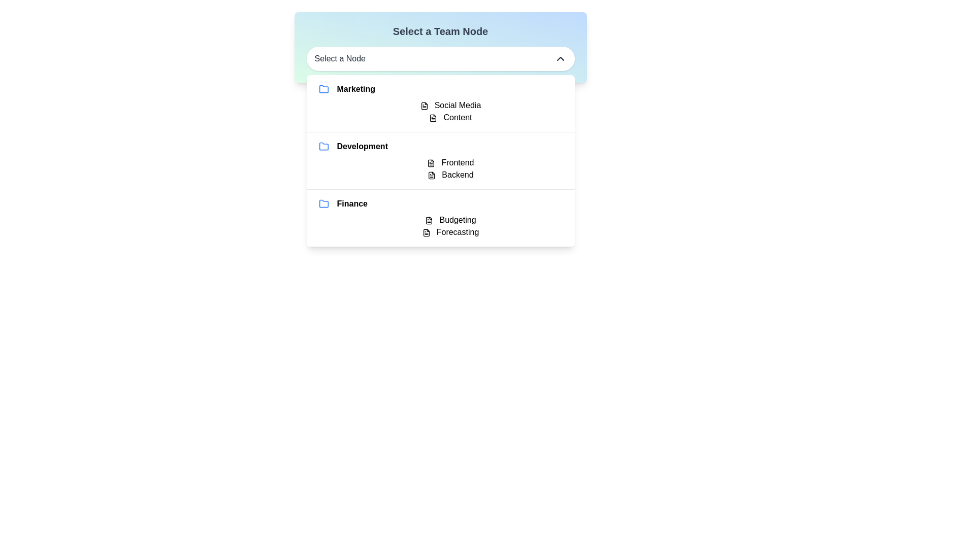  Describe the element at coordinates (450, 232) in the screenshot. I see `the 'Forecasting' text label with the associated document icon in the 'Select a Team Node' interface to trigger a visual indication` at that location.